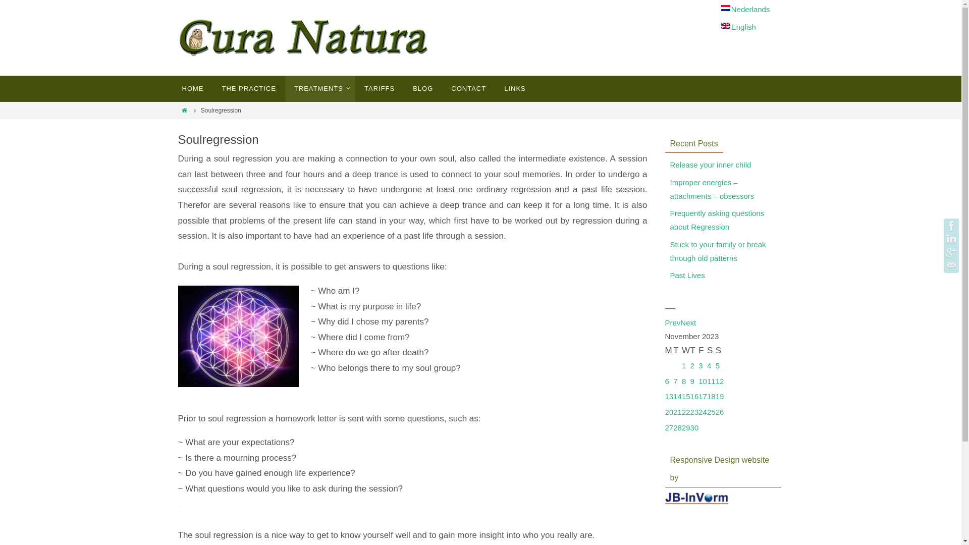 Image resolution: width=969 pixels, height=545 pixels. I want to click on '19', so click(719, 396).